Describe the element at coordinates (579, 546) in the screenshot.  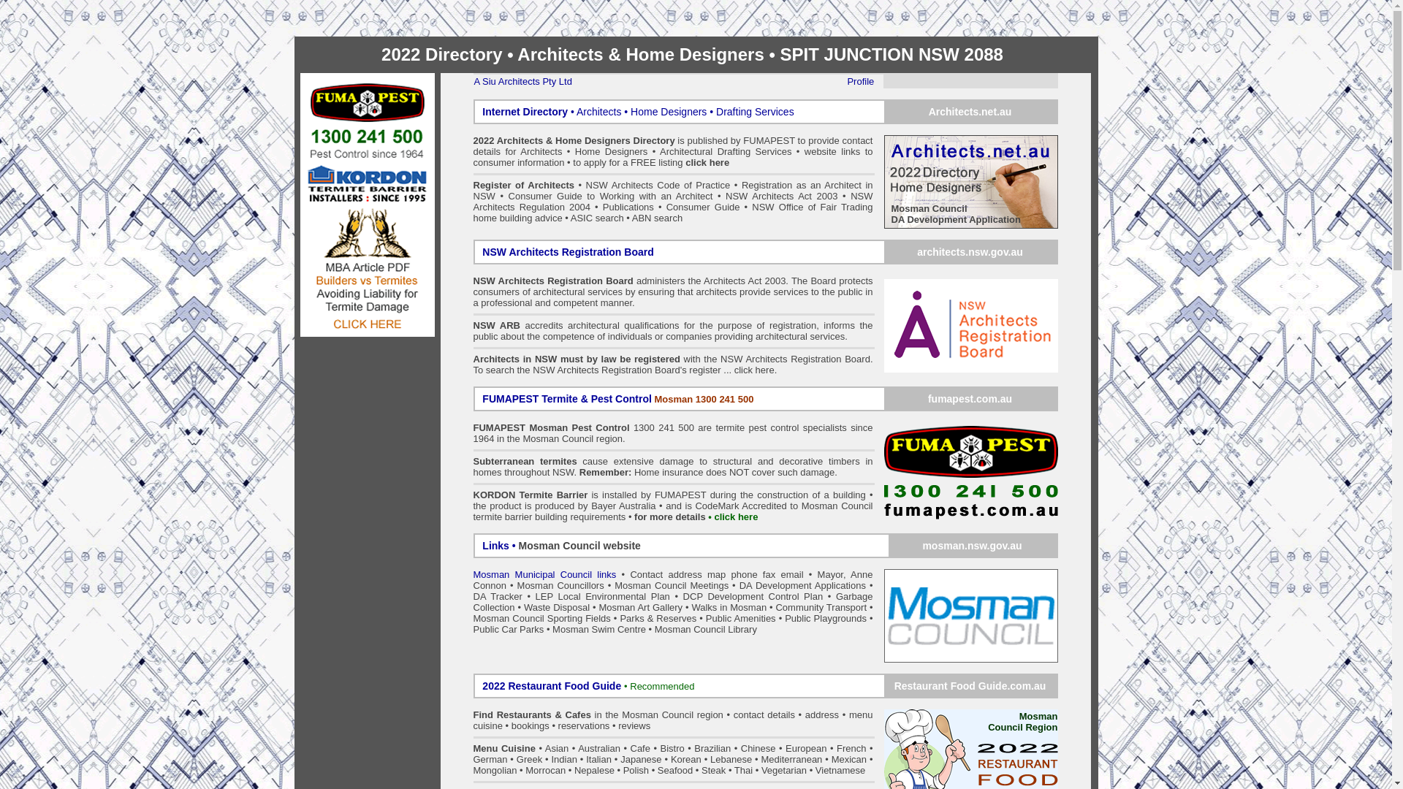
I see `'Mosman Council website'` at that location.